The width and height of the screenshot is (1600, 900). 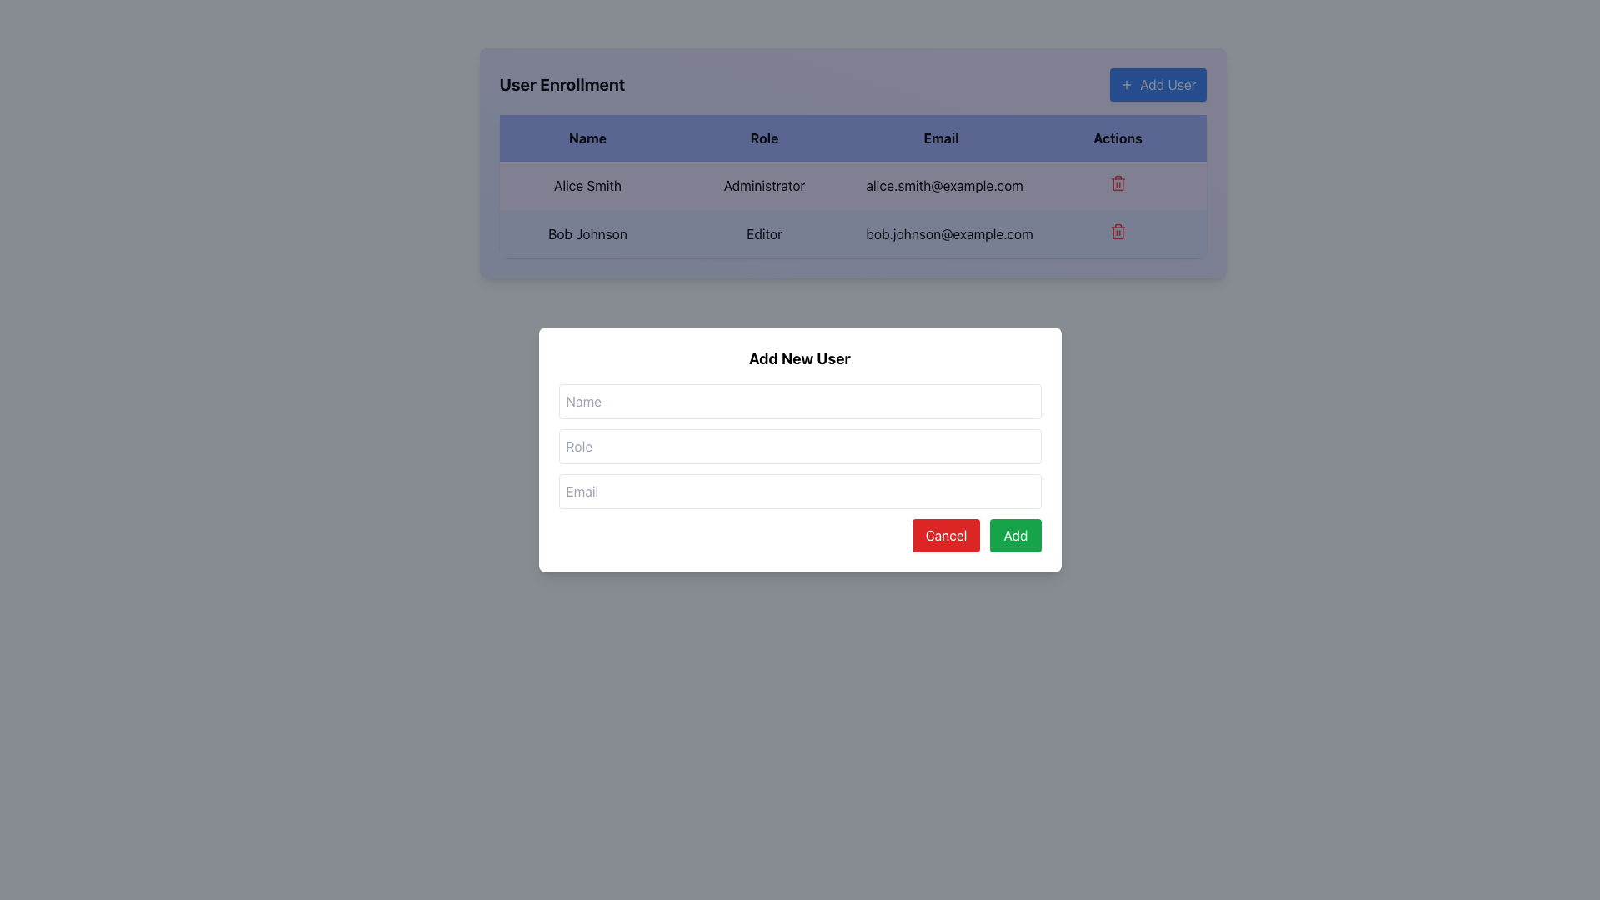 I want to click on the text label displaying the user's name 'Bob Johnson' in the user enrollment table for accessibility purposes, so click(x=587, y=234).